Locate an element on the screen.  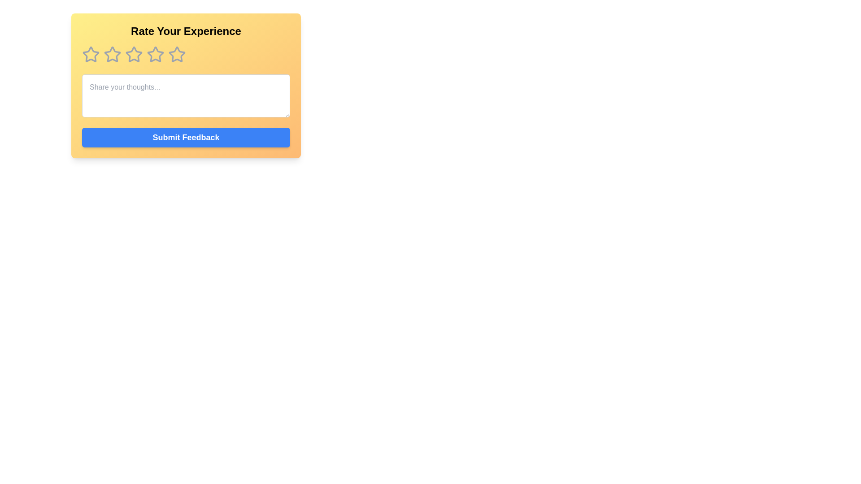
the leftmost rating star in the 'Rate Your Experience' section to visualize its interactive effect is located at coordinates (91, 55).